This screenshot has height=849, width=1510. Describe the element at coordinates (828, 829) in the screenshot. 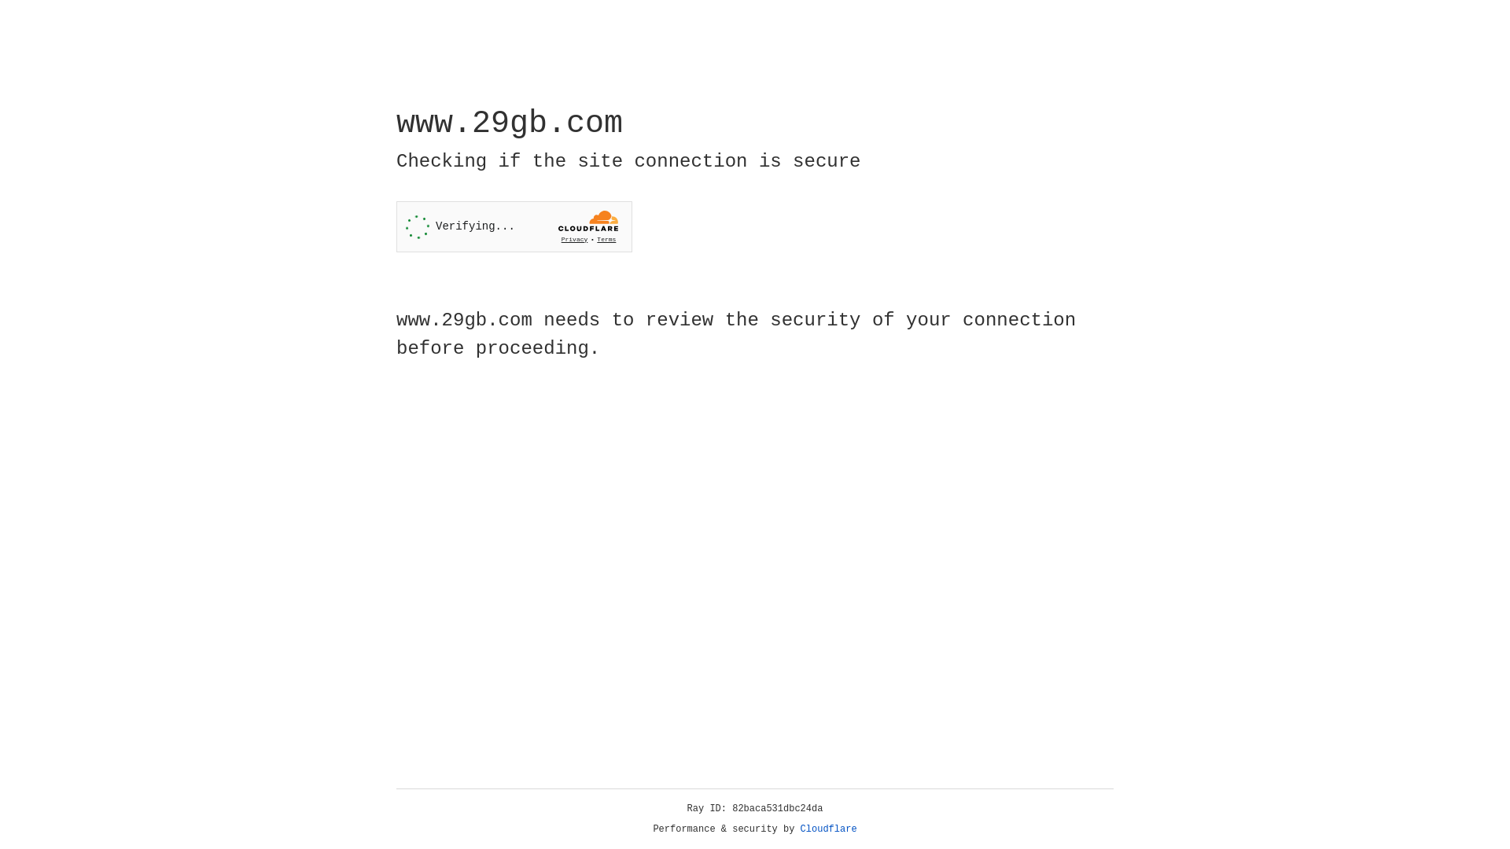

I see `'Cloudflare'` at that location.